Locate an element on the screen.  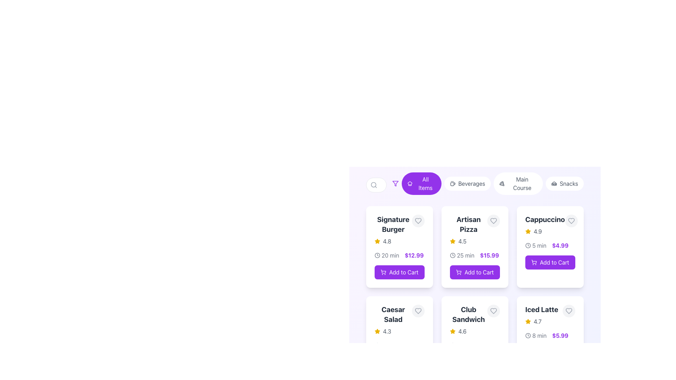
the price label displaying '$12.99' in bold purple font, located beneath the item preparation time label and part of the 'Signature Burger' card is located at coordinates (414, 255).